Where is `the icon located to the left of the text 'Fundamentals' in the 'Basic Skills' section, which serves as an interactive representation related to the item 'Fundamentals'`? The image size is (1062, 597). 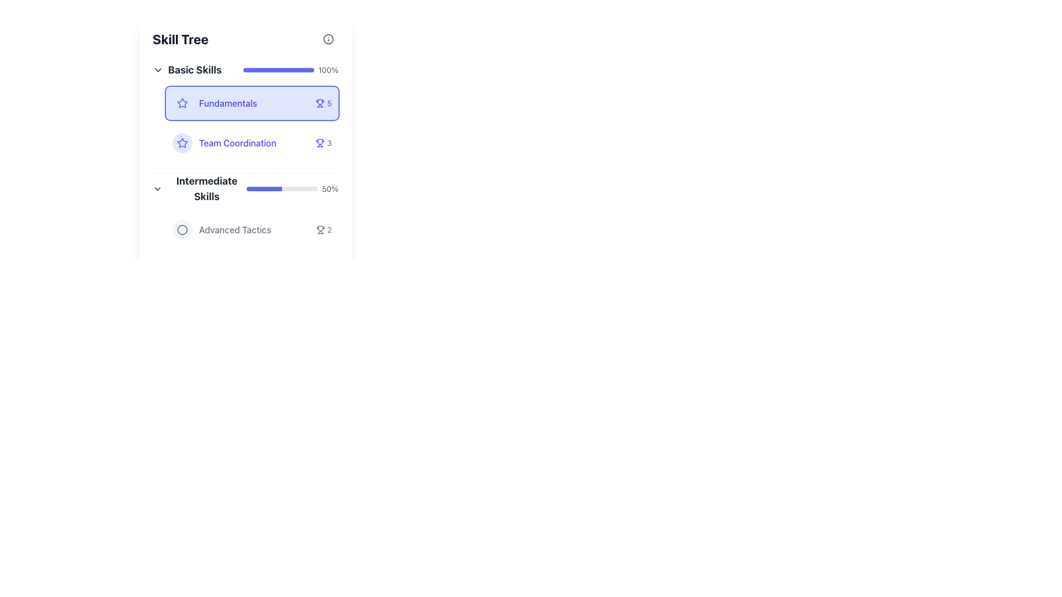 the icon located to the left of the text 'Fundamentals' in the 'Basic Skills' section, which serves as an interactive representation related to the item 'Fundamentals' is located at coordinates (183, 142).